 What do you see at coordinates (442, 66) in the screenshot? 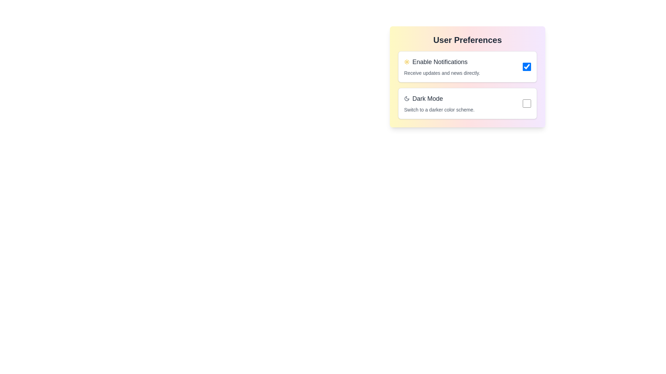
I see `the 'Enable Notifications' text block that describes its purpose for providing updates and news directly, located in the upper section of the user preferences panel next to the checkbox` at bounding box center [442, 66].